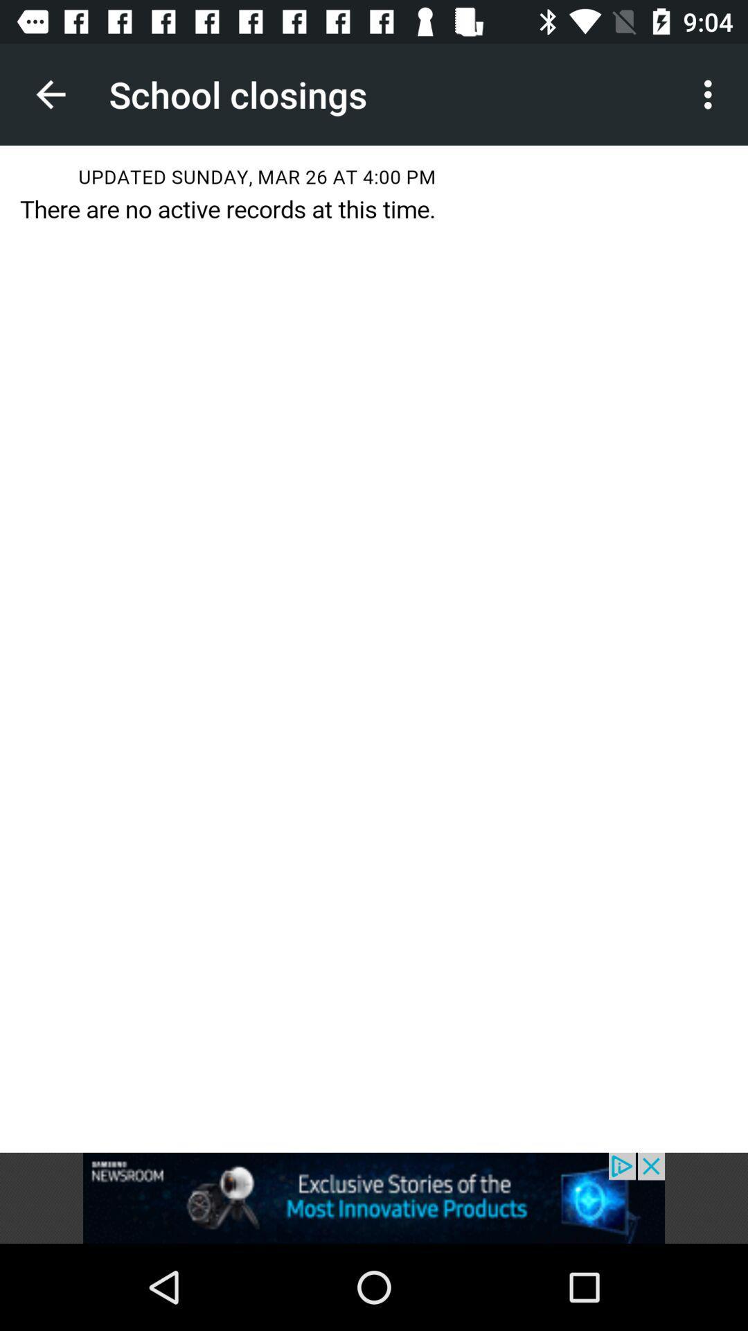 Image resolution: width=748 pixels, height=1331 pixels. What do you see at coordinates (374, 1197) in the screenshot?
I see `advertisement page` at bounding box center [374, 1197].